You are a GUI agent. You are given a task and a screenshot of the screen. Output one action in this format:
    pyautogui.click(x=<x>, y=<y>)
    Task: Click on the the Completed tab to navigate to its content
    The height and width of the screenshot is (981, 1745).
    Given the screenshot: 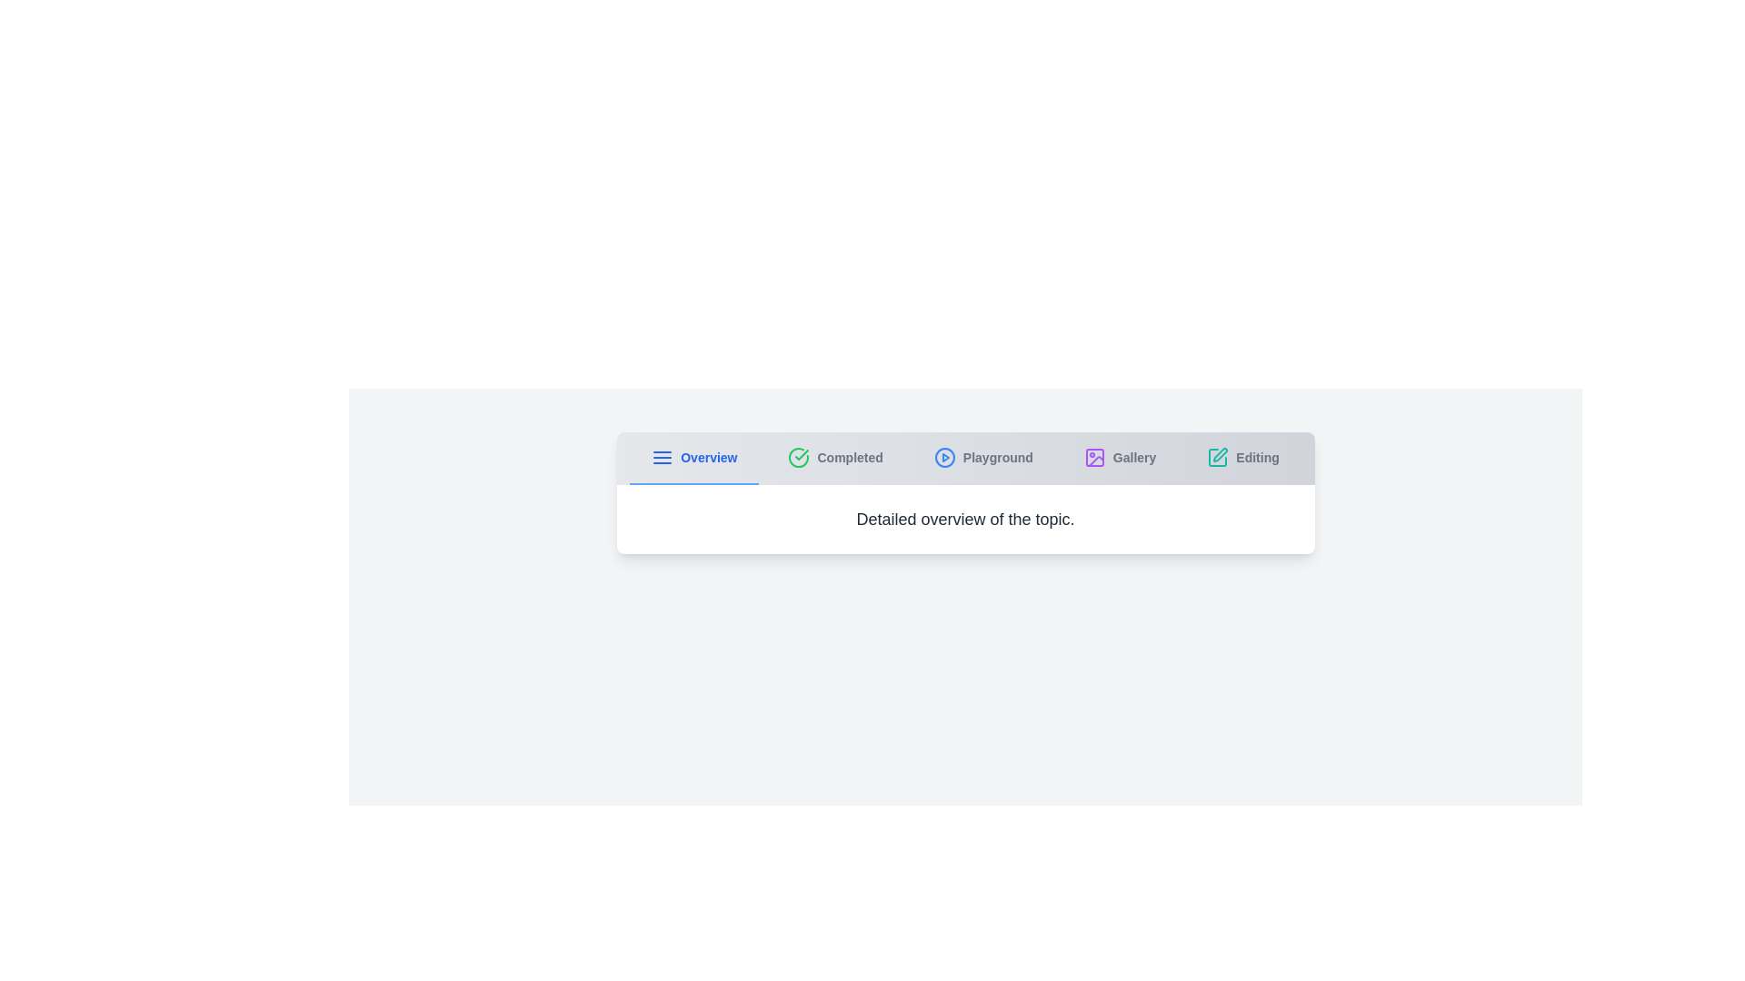 What is the action you would take?
    pyautogui.click(x=833, y=458)
    